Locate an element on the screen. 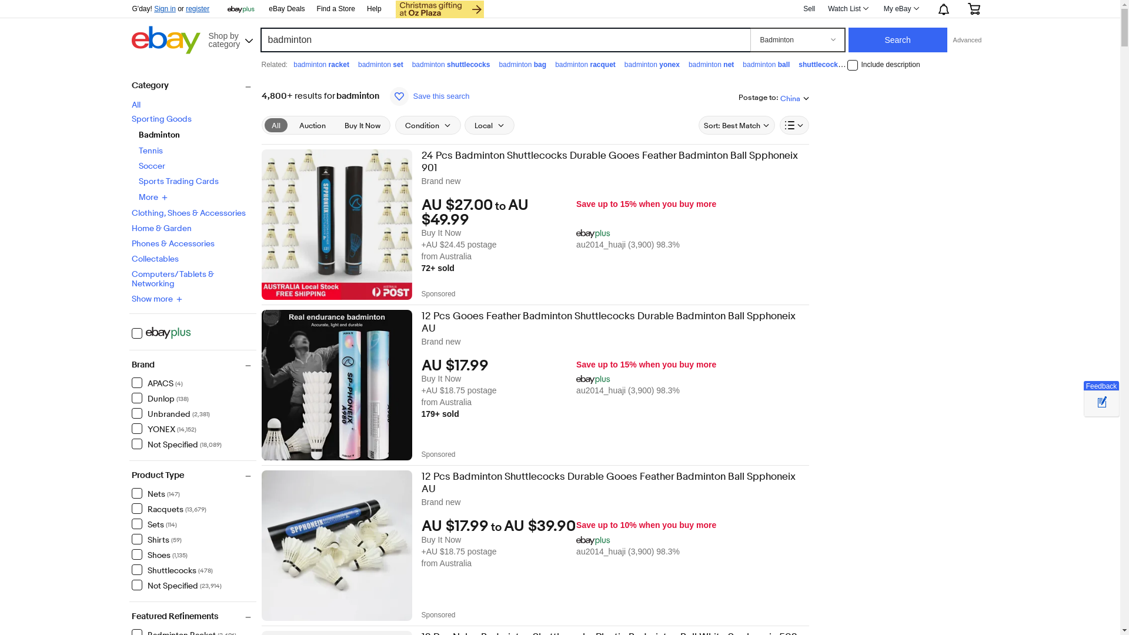 The image size is (1129, 635). 'Not Specified is located at coordinates (176, 585).